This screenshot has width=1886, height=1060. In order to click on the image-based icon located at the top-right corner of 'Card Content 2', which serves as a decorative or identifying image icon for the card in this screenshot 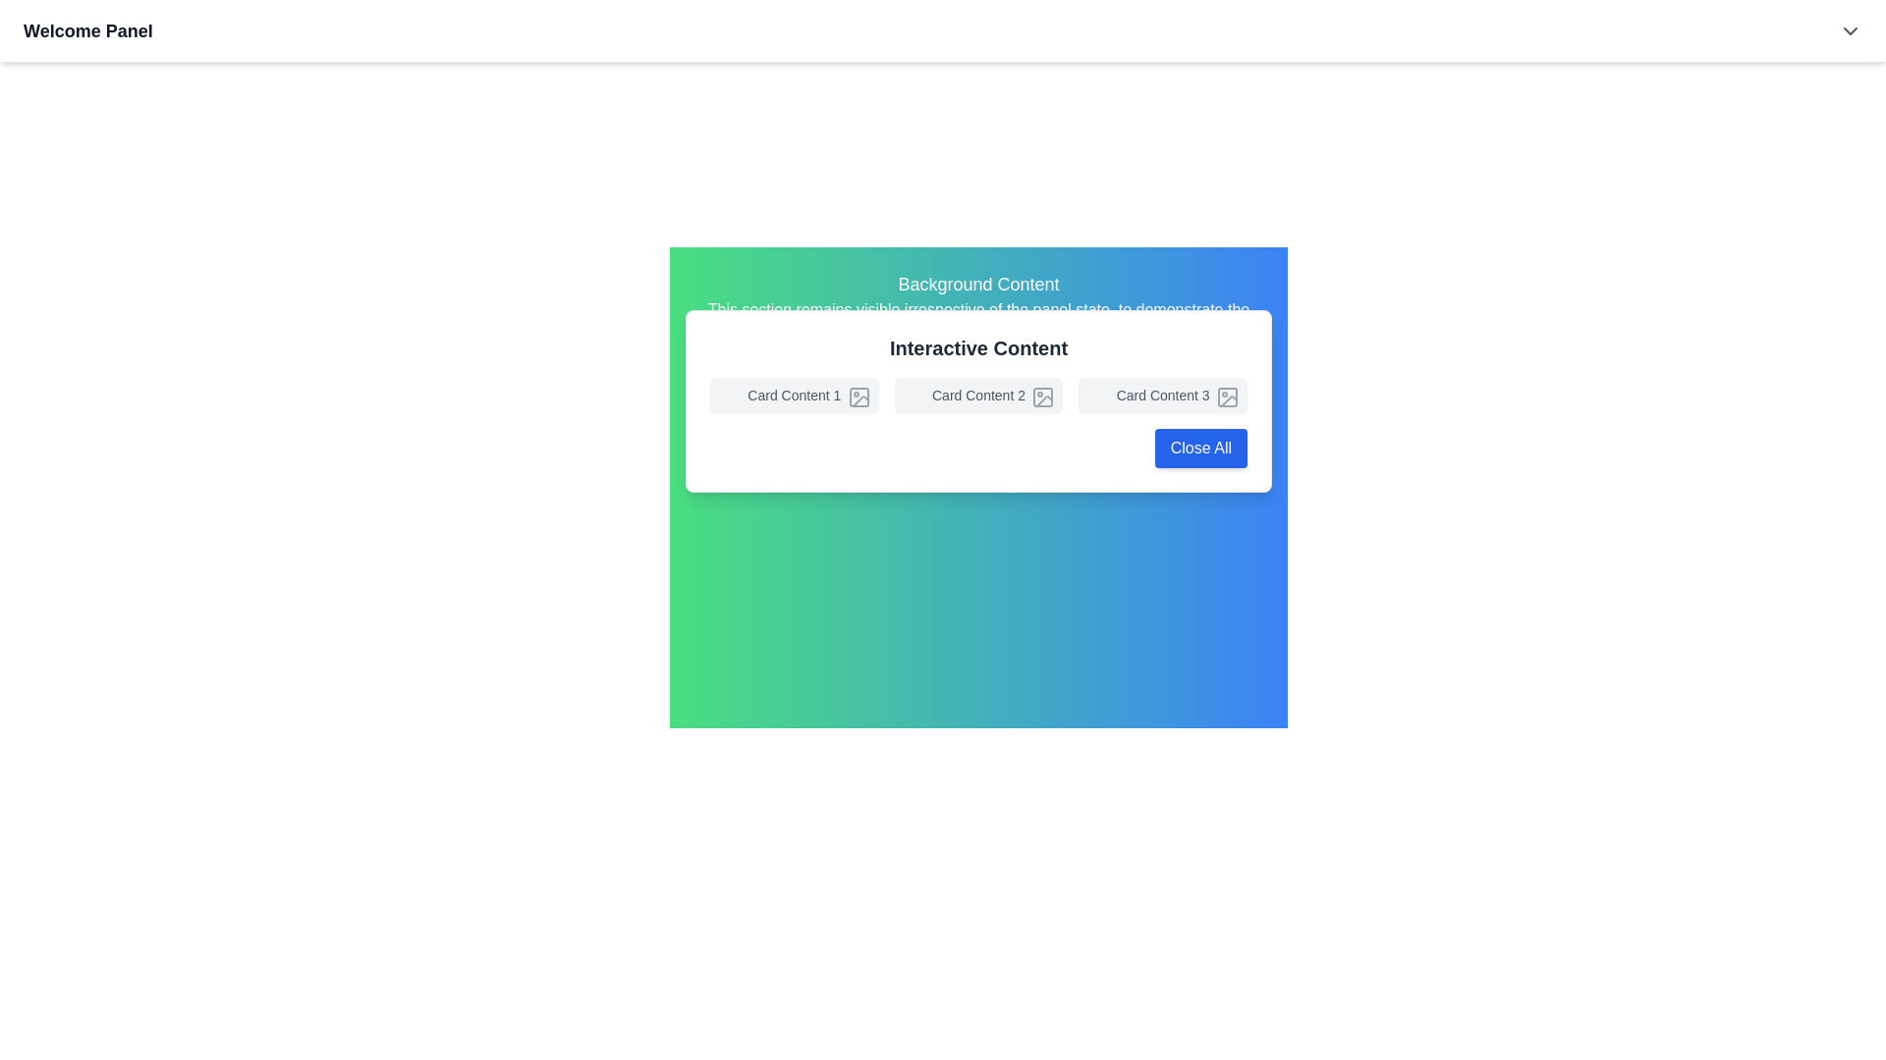, I will do `click(1042, 397)`.